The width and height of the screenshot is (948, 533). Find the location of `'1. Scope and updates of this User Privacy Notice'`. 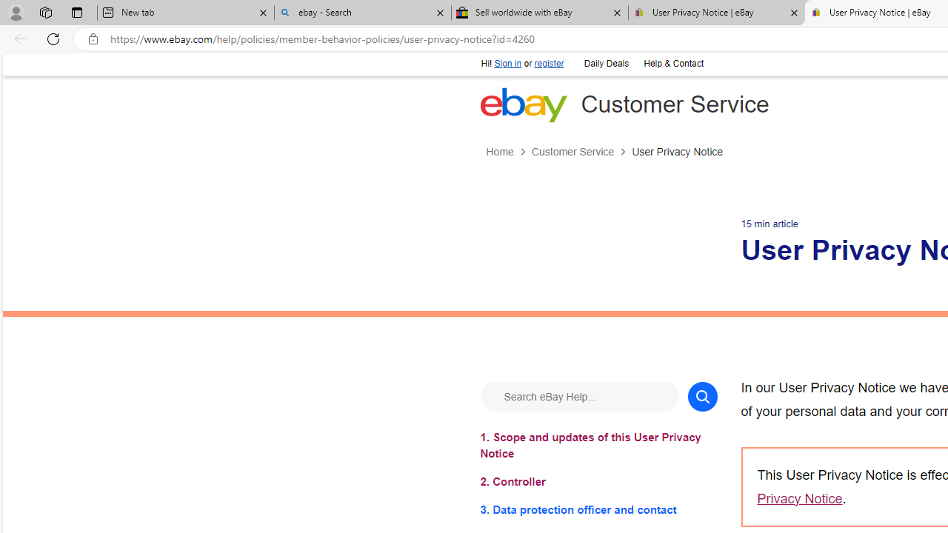

'1. Scope and updates of this User Privacy Notice' is located at coordinates (598, 444).